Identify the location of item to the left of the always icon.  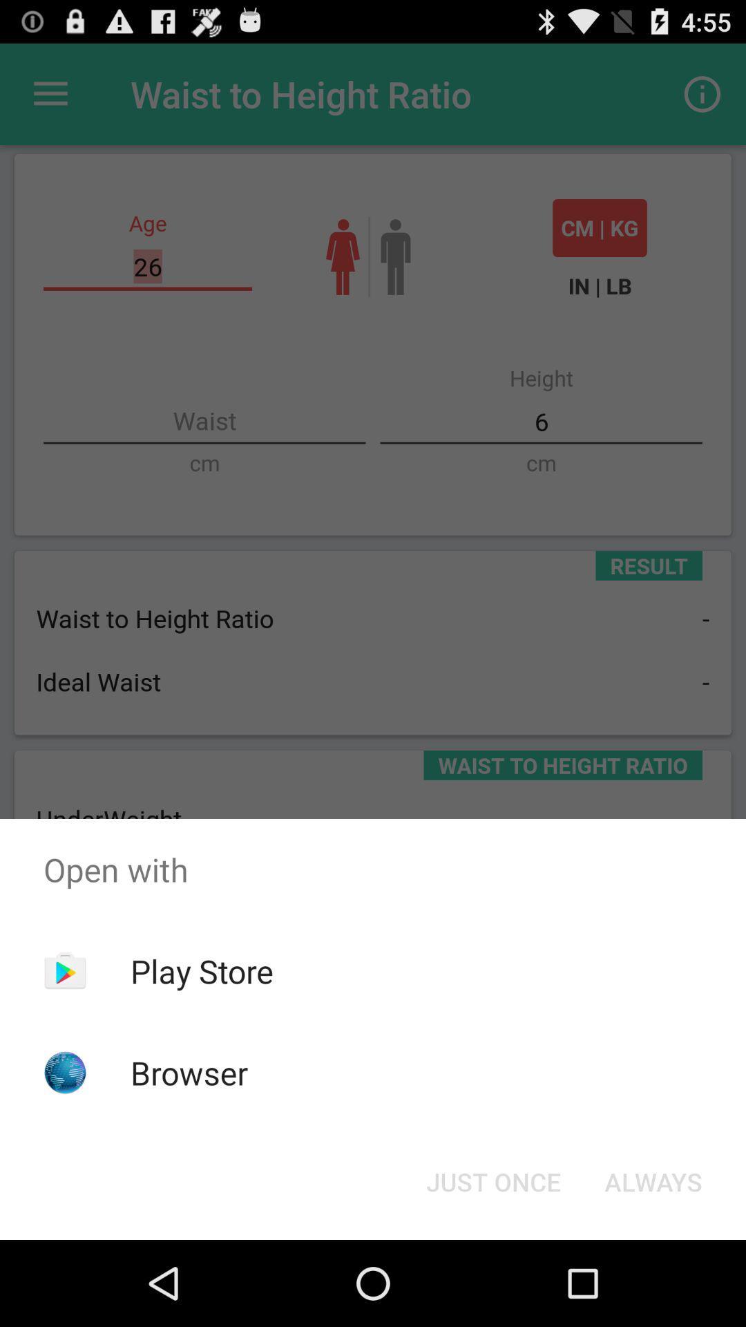
(492, 1180).